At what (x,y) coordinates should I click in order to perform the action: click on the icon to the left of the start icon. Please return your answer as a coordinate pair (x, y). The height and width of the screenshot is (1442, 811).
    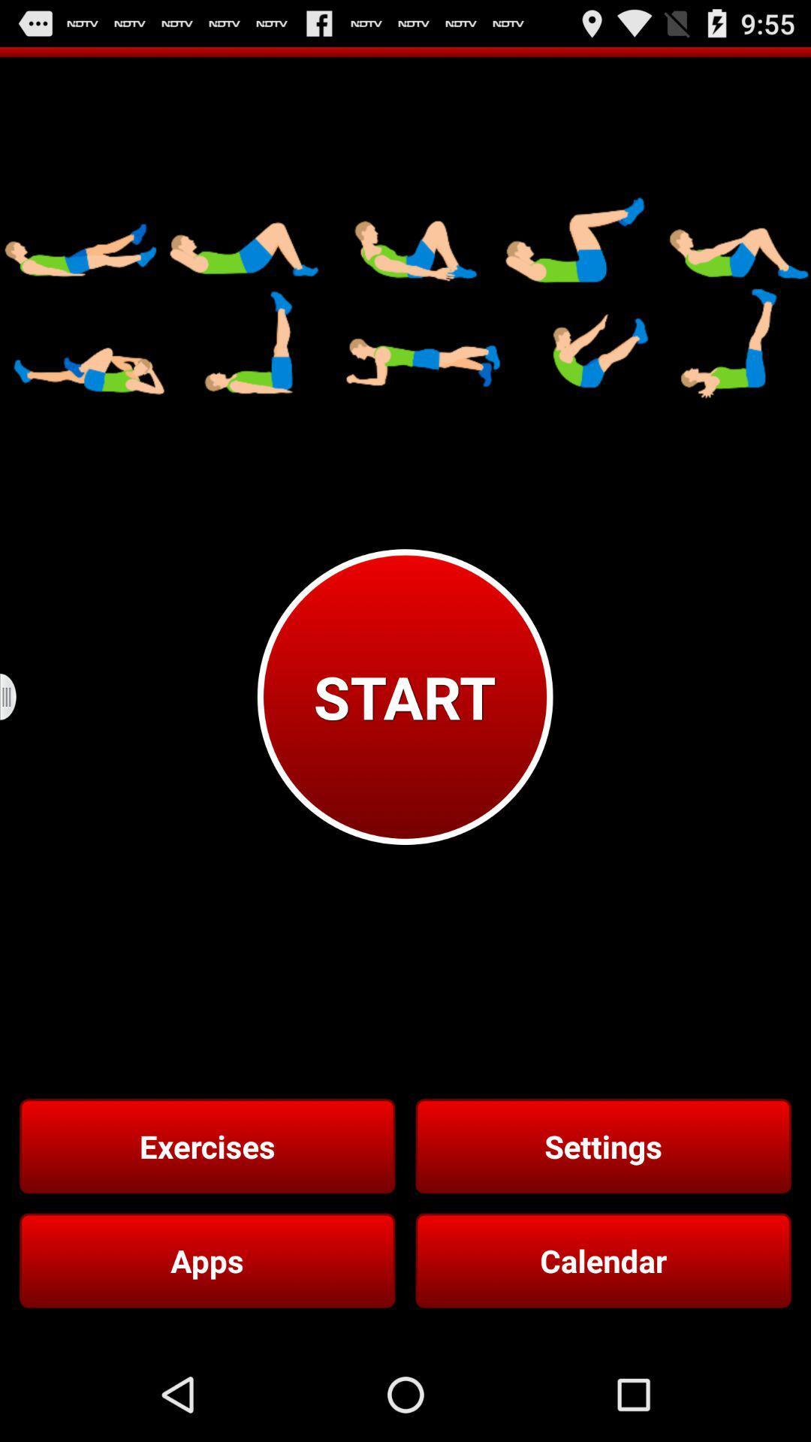
    Looking at the image, I should click on (17, 696).